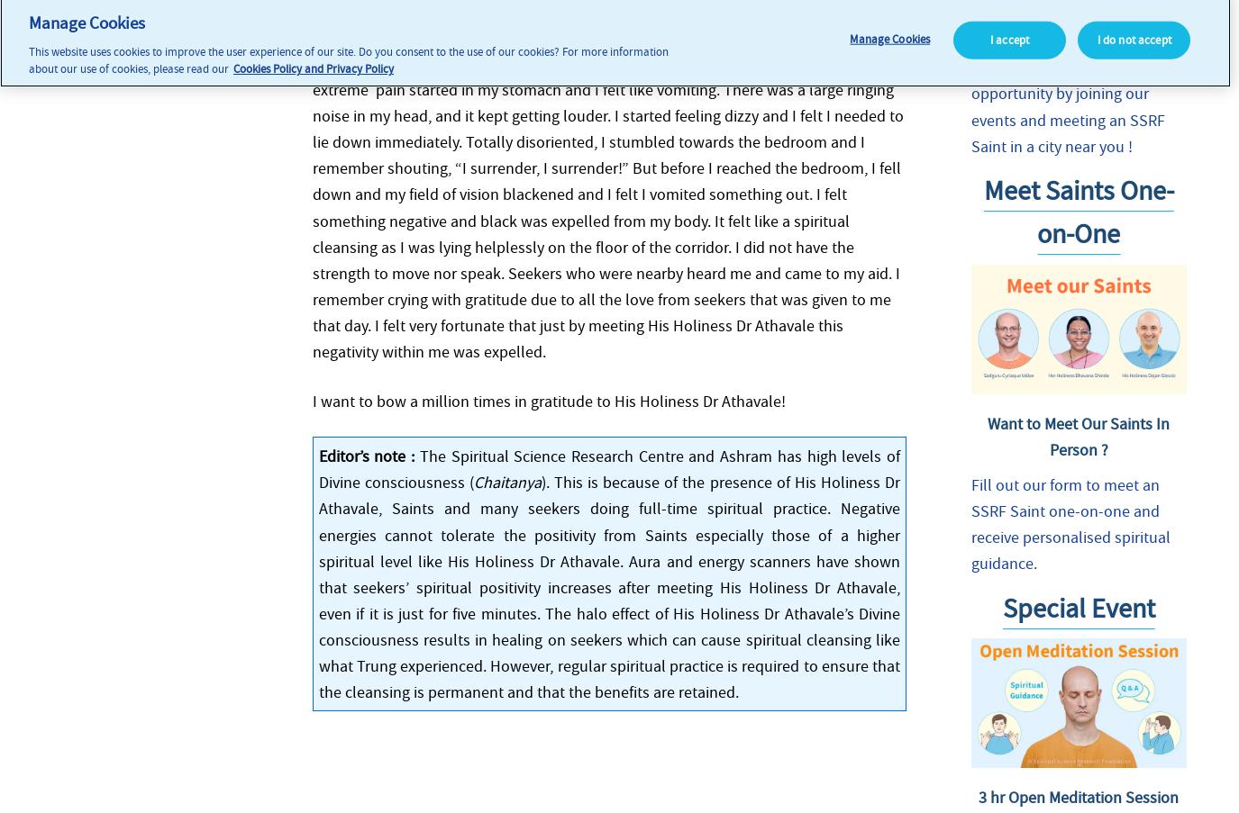  What do you see at coordinates (607, 585) in the screenshot?
I see `'). This is because of the presence of His Holiness Dr Athavale, Saints and many seekers doing full-time spiritual practice. Negative energies cannot tolerate the positivity from Saints especially those of a higher spiritual level like His Holiness Dr Athavale. Aura and energy scanners have shown that seekers’ spiritual positivity increases after meeting His Holiness Dr Athavale, even if it is just for five minutes. The halo effect of His Holiness Dr Athavale’s Divine consciousness results in healing on seekers which can cause spiritual cleansing like what Trung experienced. However, regular spiritual practice is required to ensure that the cleansing is permanent and that the benefits are retained.'` at bounding box center [607, 585].